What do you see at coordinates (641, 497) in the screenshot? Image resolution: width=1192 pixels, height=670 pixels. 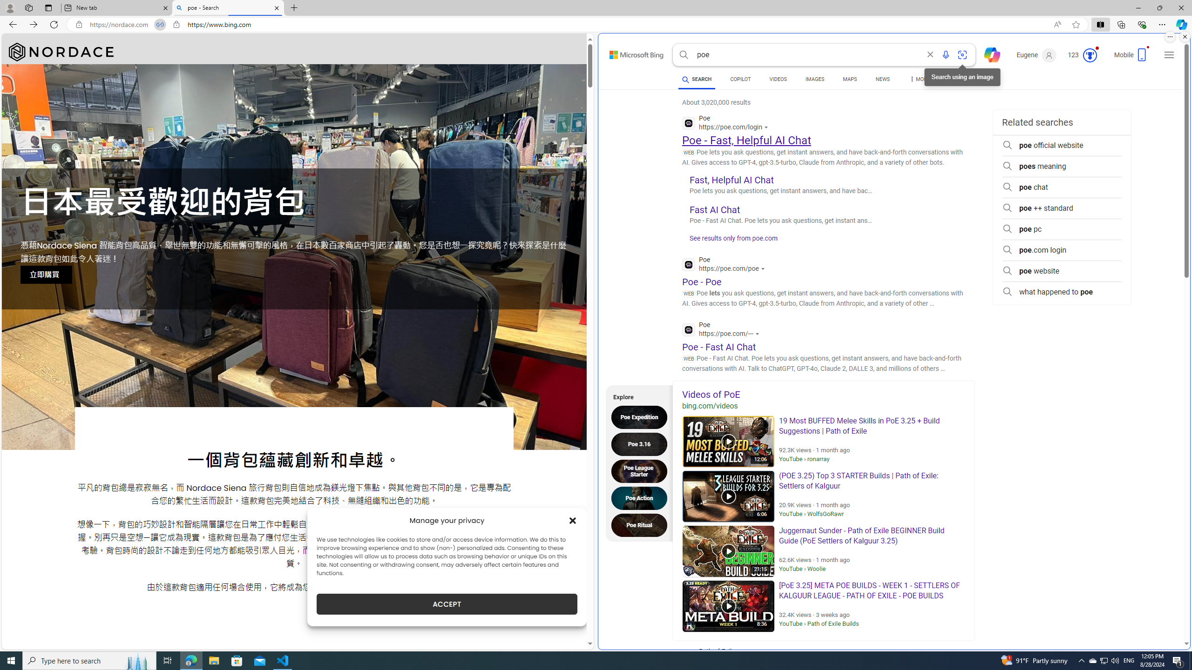 I see `'Poe Action'` at bounding box center [641, 497].